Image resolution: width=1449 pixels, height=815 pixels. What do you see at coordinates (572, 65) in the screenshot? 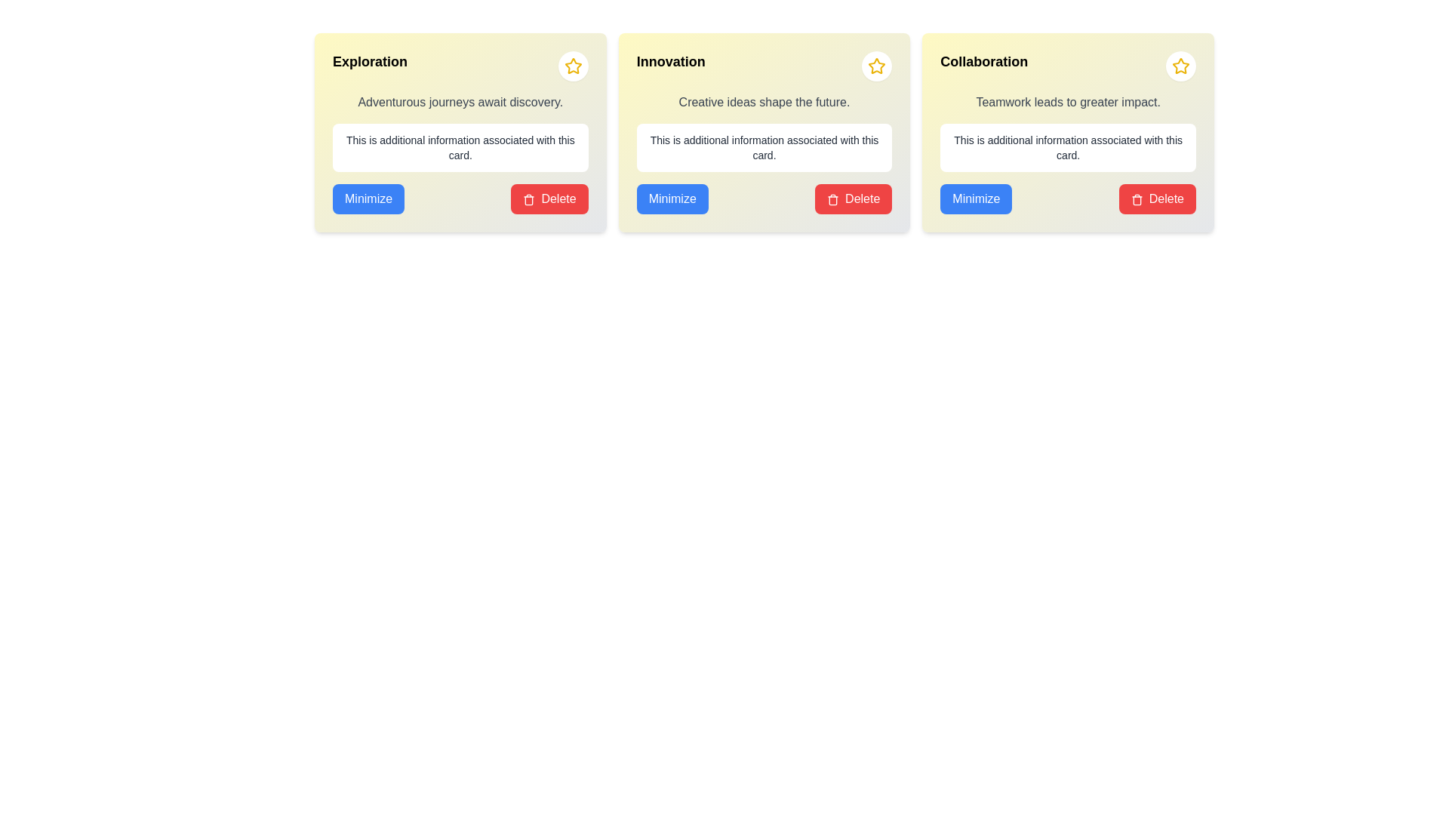
I see `the yellow star-shaped icon located in the top-right corner of the 'Innovation' card` at bounding box center [572, 65].